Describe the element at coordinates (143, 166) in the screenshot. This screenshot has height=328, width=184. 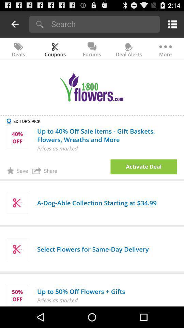
I see `item next to the share` at that location.